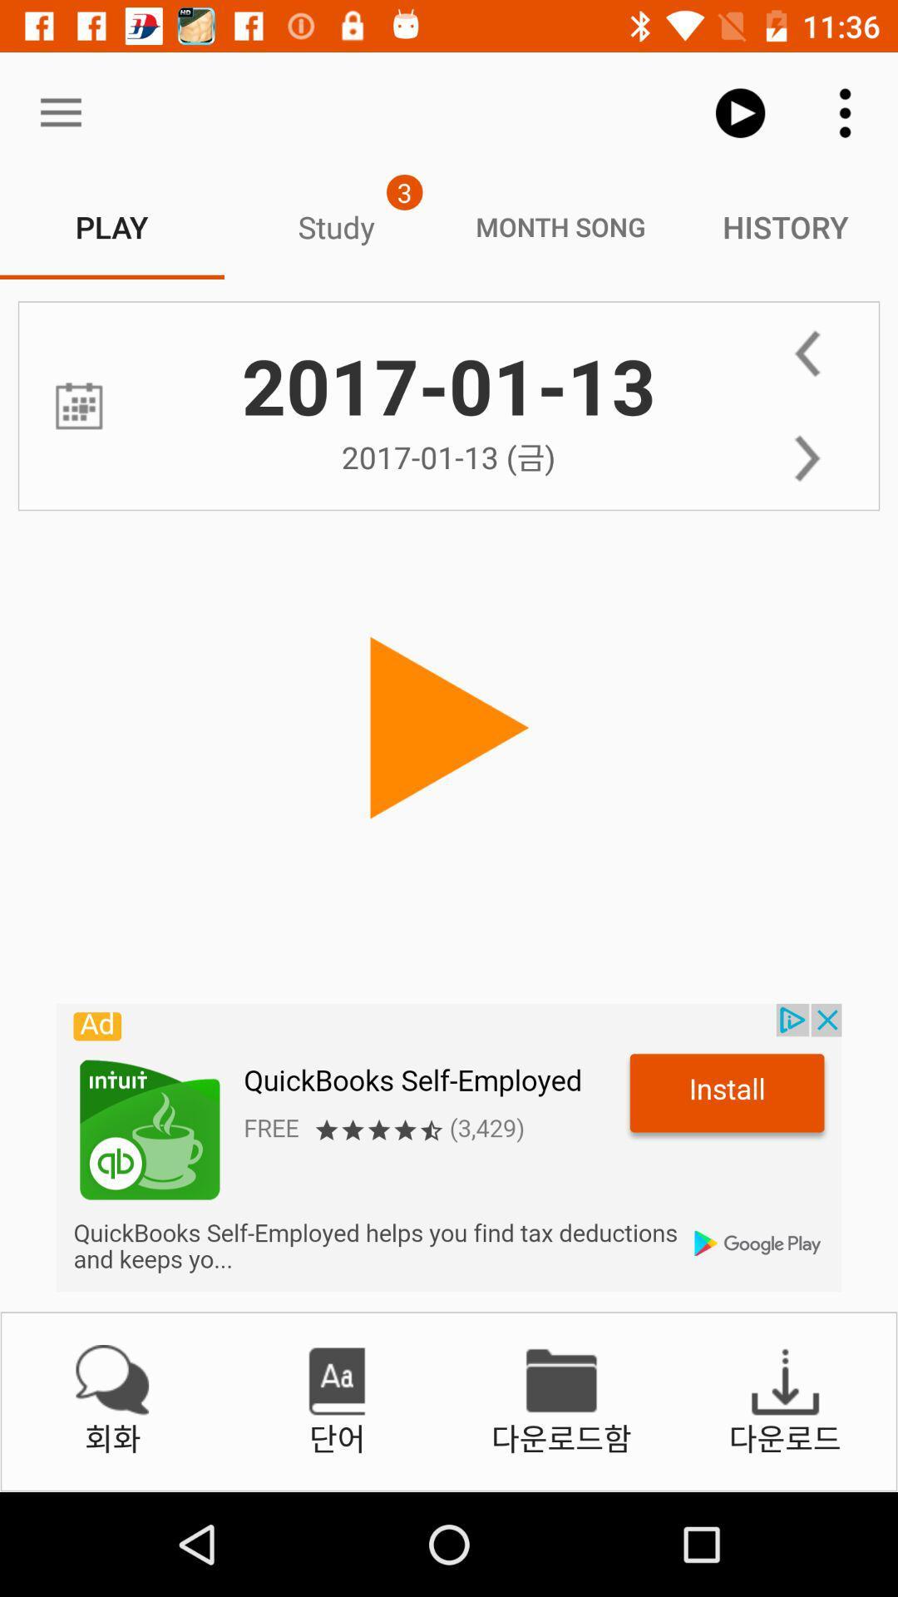  What do you see at coordinates (79, 406) in the screenshot?
I see `icon` at bounding box center [79, 406].